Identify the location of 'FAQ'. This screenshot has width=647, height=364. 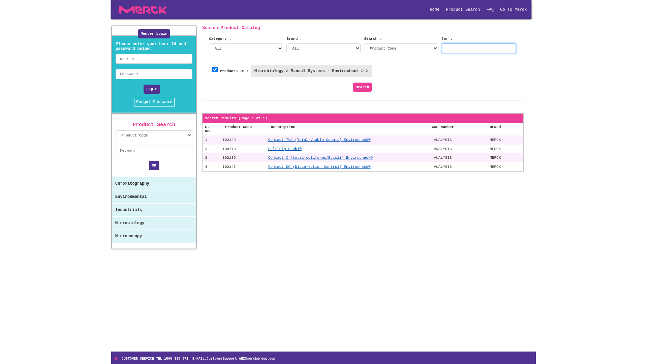
(485, 10).